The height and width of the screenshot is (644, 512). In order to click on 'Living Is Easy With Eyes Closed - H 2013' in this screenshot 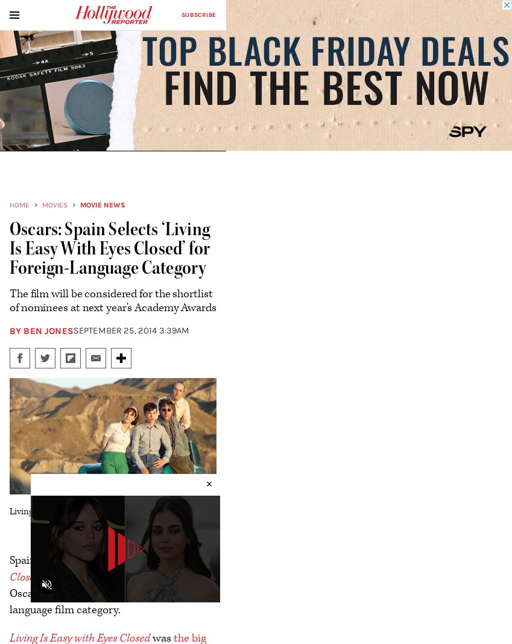, I will do `click(84, 511)`.